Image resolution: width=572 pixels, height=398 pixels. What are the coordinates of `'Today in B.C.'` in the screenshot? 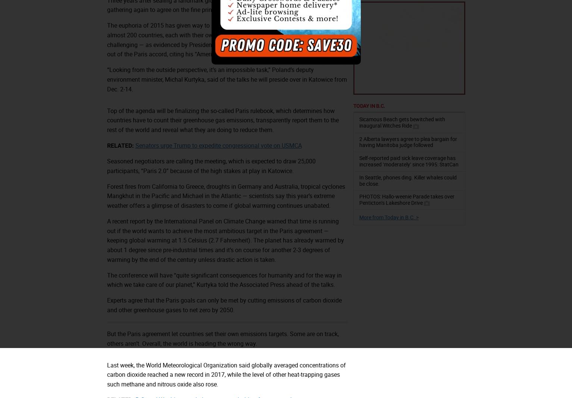 It's located at (353, 106).